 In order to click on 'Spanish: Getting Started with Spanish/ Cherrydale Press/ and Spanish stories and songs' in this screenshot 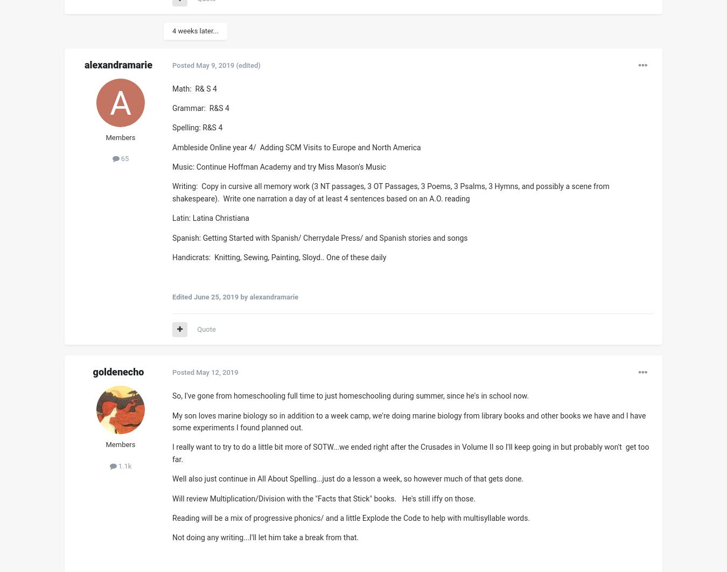, I will do `click(320, 237)`.